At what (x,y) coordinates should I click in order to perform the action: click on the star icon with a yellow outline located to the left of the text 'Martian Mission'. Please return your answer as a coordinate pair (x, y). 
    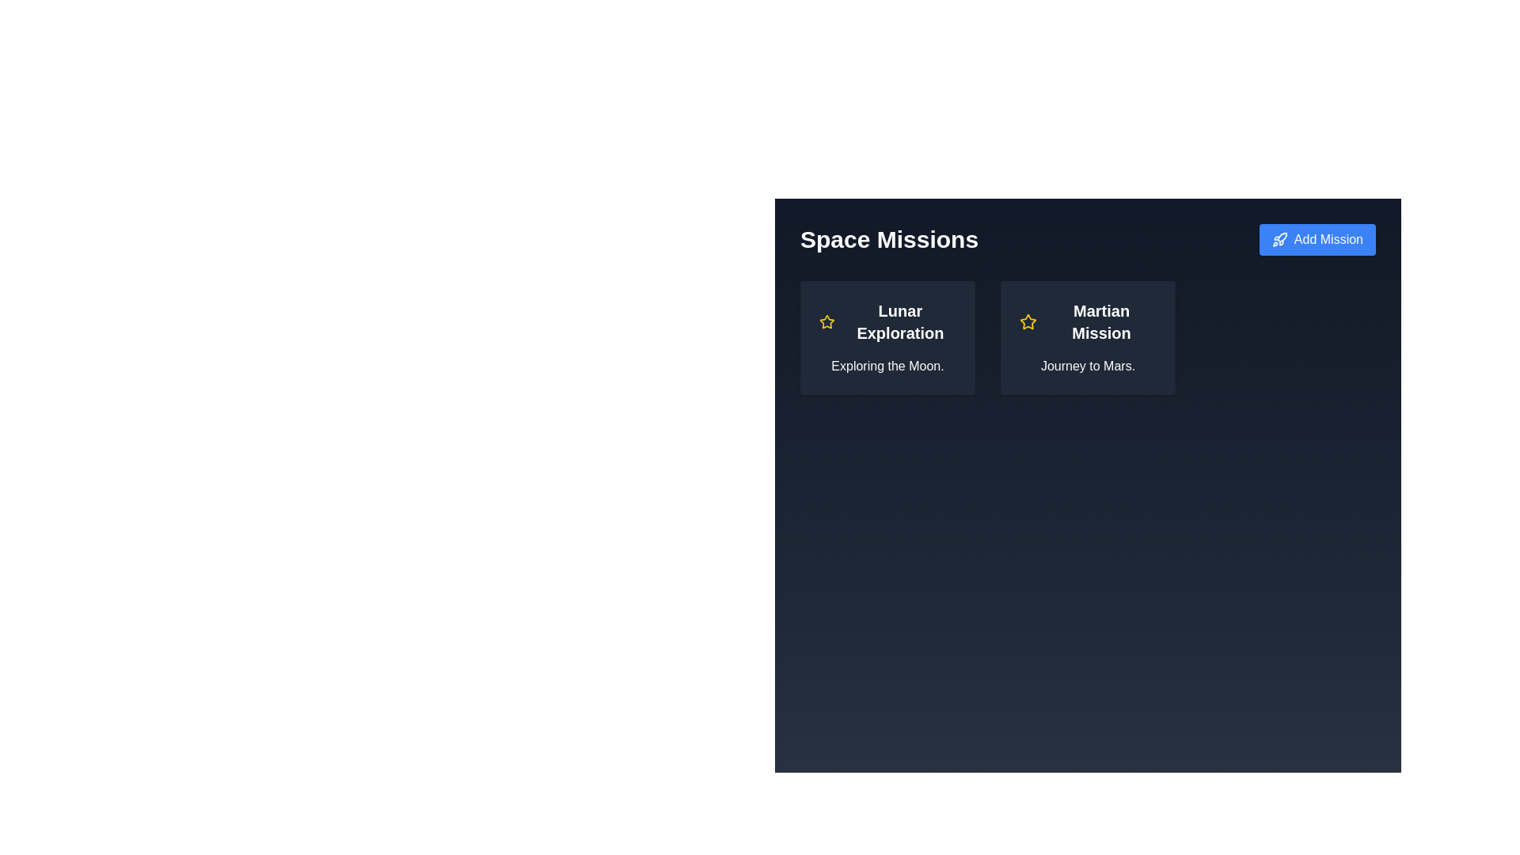
    Looking at the image, I should click on (1028, 321).